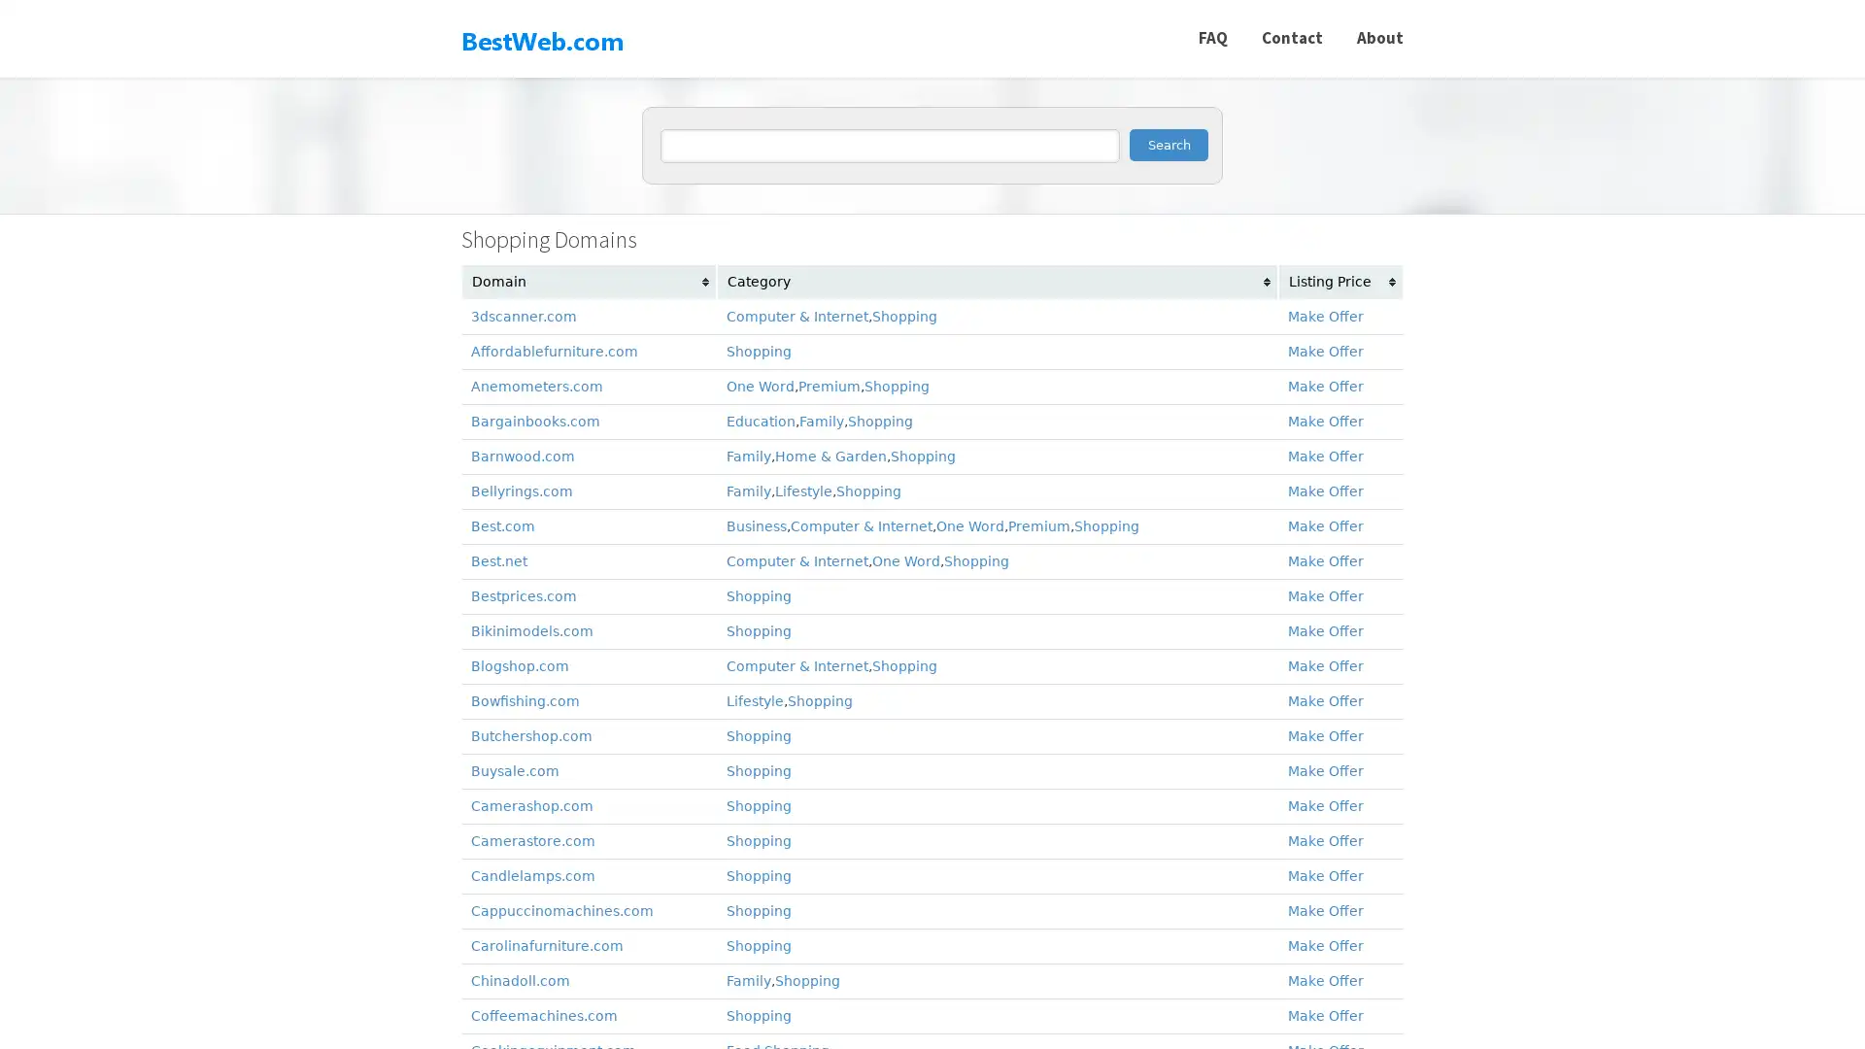 The width and height of the screenshot is (1865, 1049). I want to click on Search, so click(1168, 144).